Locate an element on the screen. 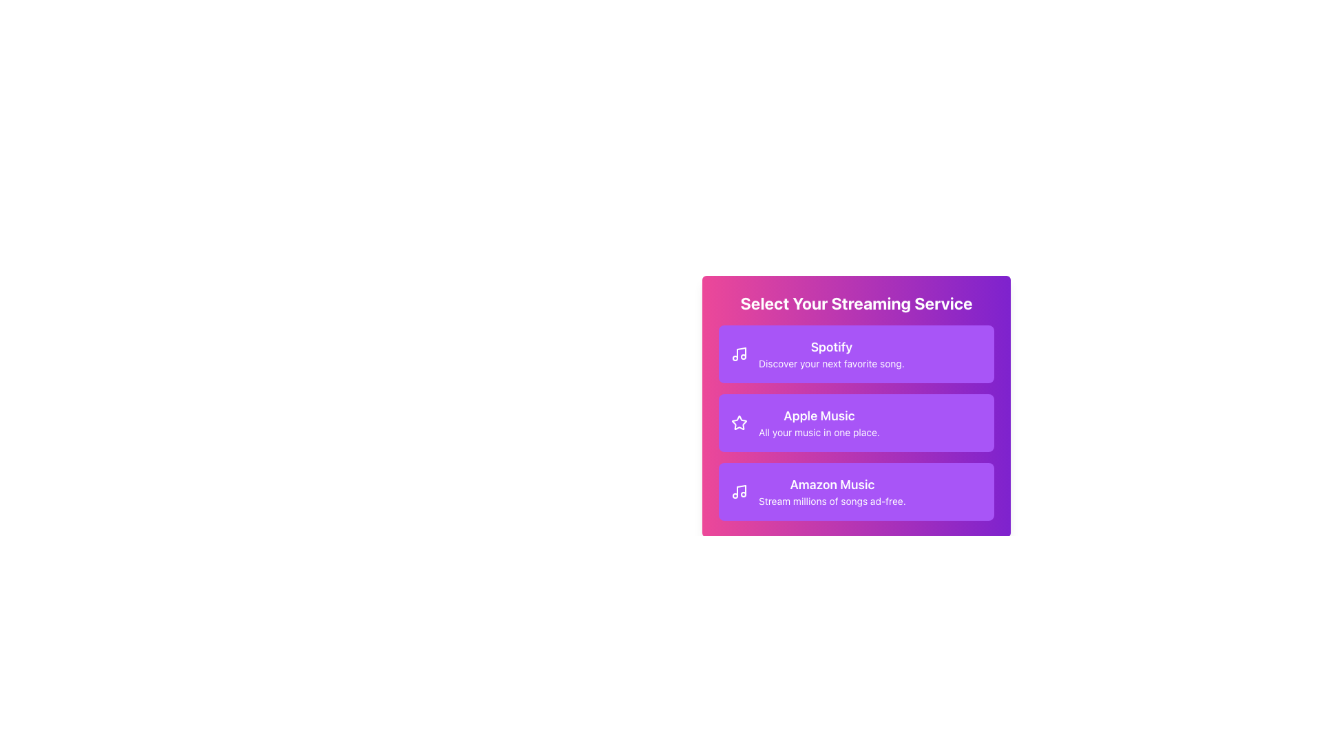 This screenshot has height=743, width=1322. the 'Spotify' text in the topmost list item of the streaming service options is located at coordinates (817, 354).